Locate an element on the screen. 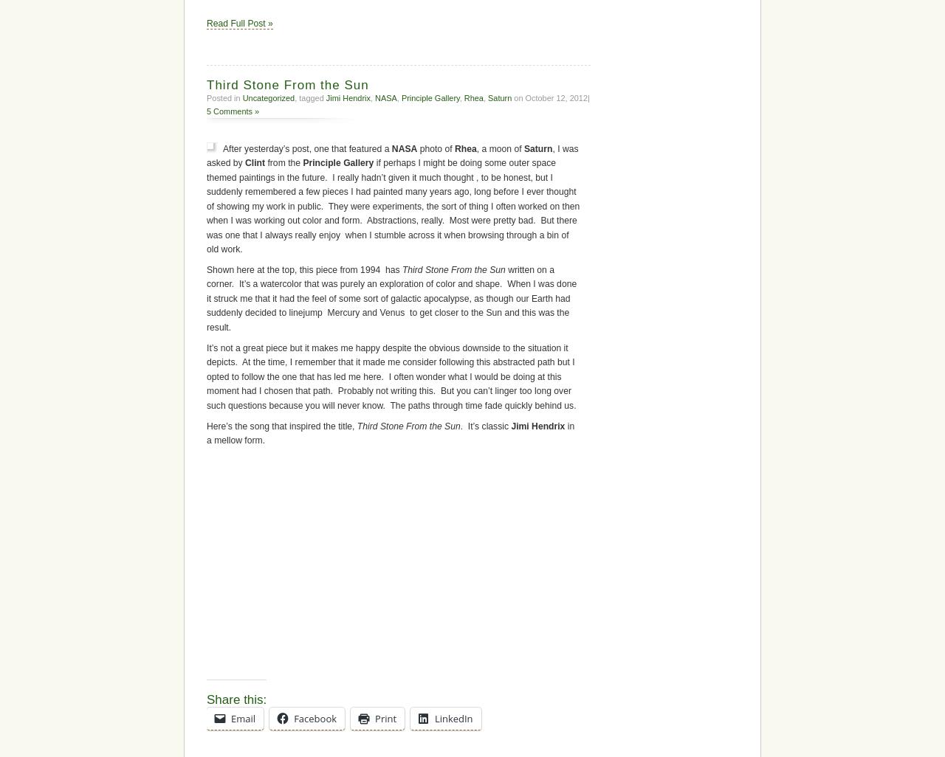 The height and width of the screenshot is (757, 945). 'Read Full Post »' is located at coordinates (239, 24).